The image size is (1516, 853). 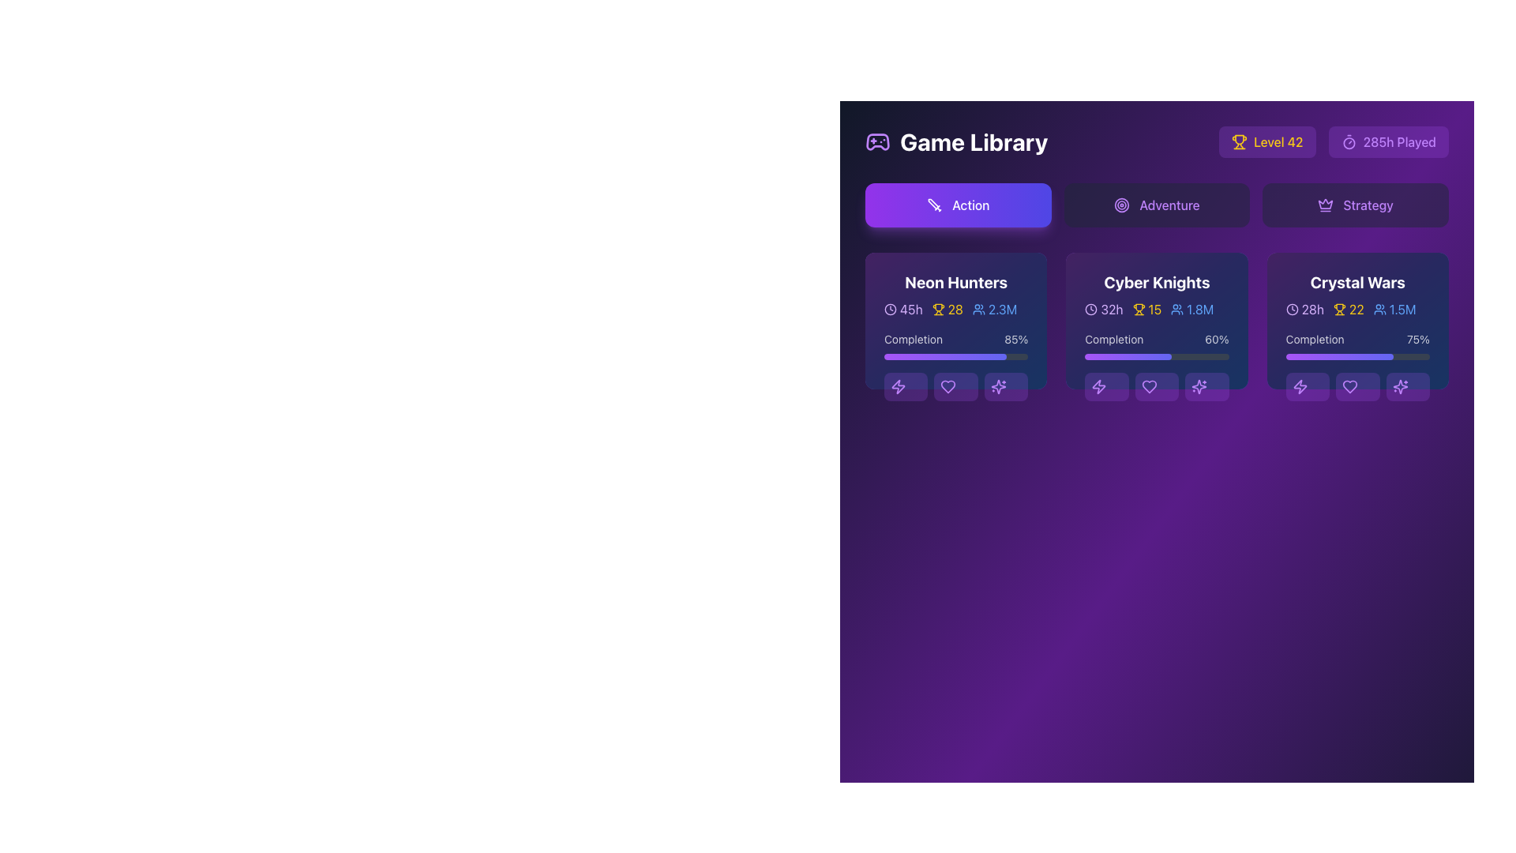 What do you see at coordinates (1292, 310) in the screenshot?
I see `the circular clock icon with a purple outline located at the top-left corner of the game details card, positioned before the text '28h'` at bounding box center [1292, 310].